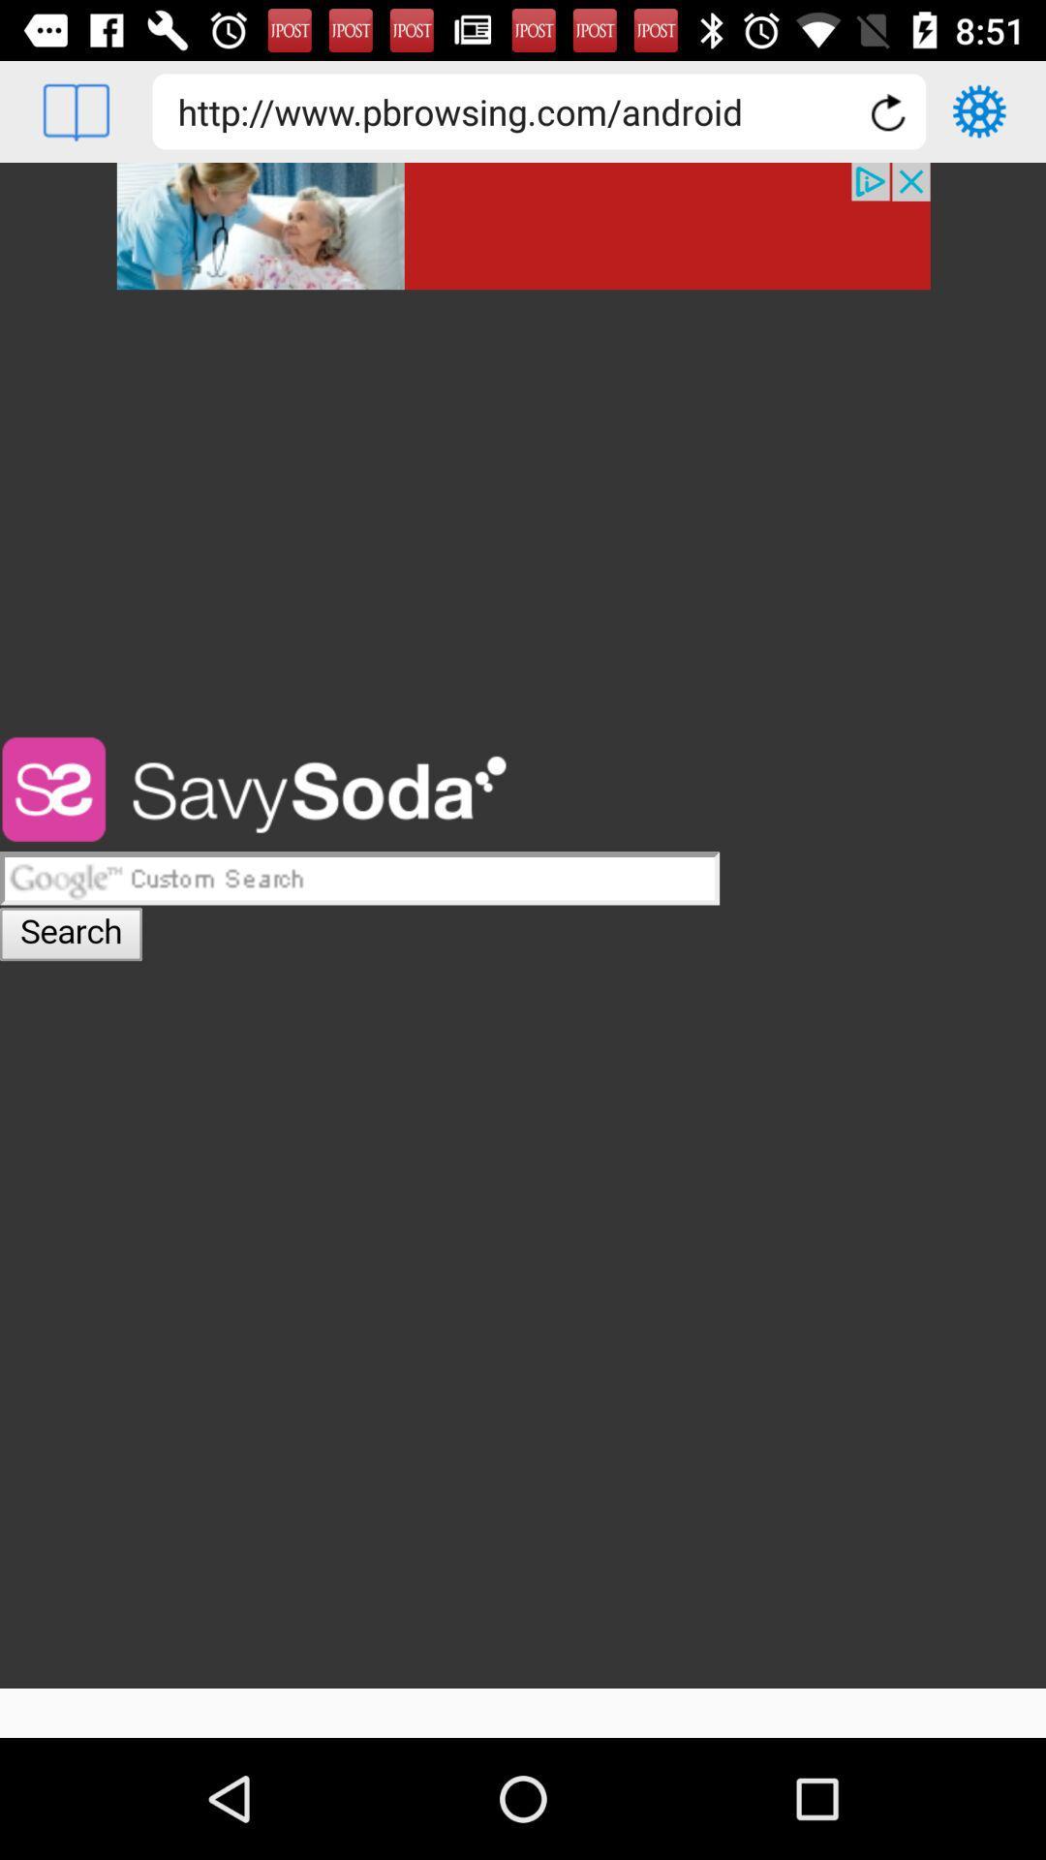 The width and height of the screenshot is (1046, 1860). Describe the element at coordinates (979, 110) in the screenshot. I see `setting` at that location.